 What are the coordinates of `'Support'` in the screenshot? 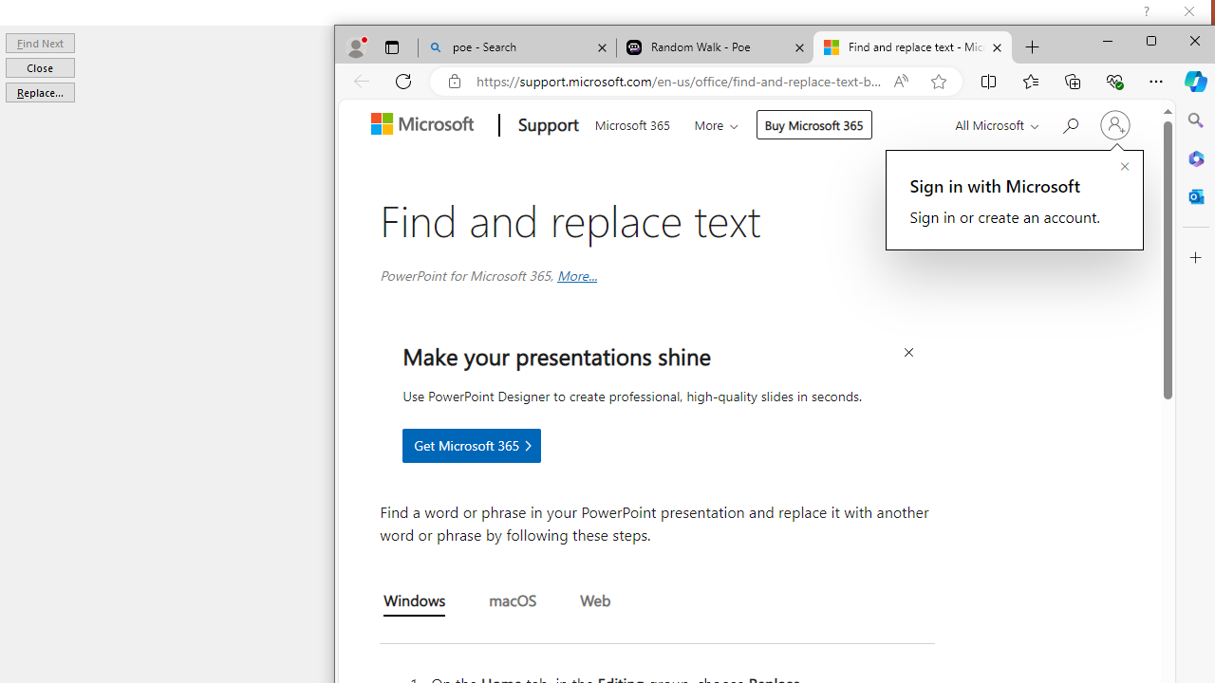 It's located at (546, 125).